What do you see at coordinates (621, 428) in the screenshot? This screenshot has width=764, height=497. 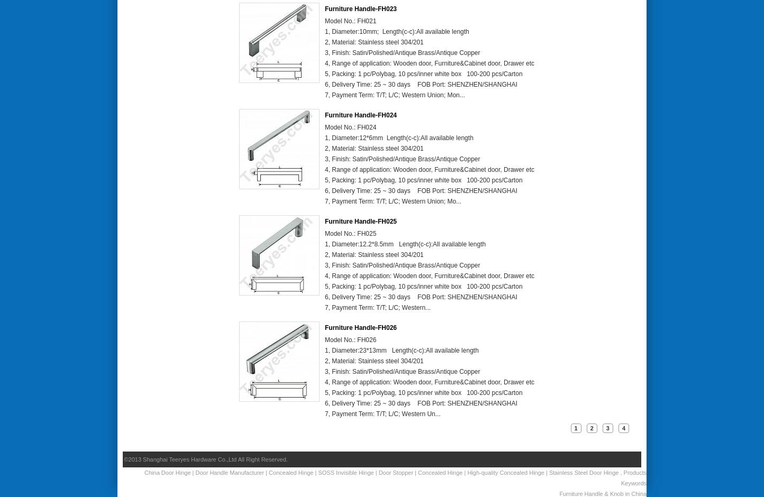 I see `'4'` at bounding box center [621, 428].